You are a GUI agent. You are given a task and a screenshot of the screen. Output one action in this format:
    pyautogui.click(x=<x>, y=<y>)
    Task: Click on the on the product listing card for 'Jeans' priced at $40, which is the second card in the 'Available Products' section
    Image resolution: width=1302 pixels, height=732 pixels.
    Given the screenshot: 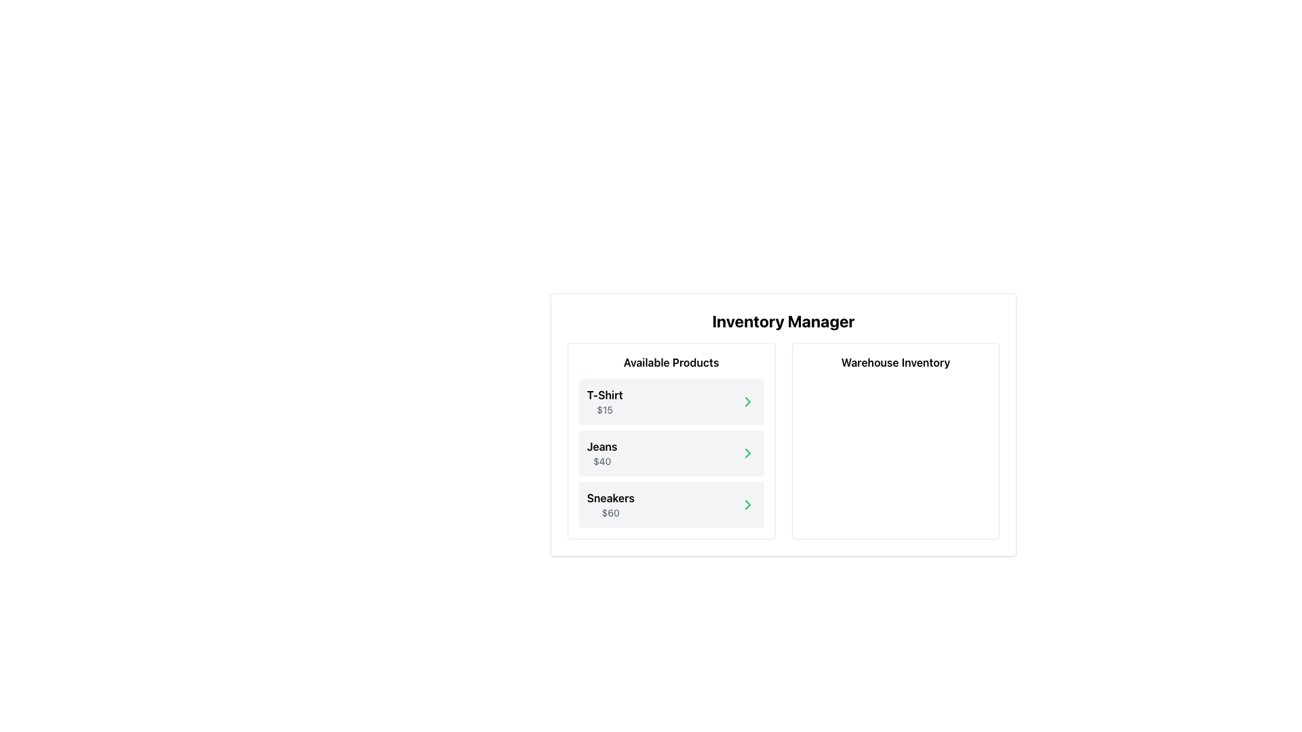 What is the action you would take?
    pyautogui.click(x=671, y=441)
    